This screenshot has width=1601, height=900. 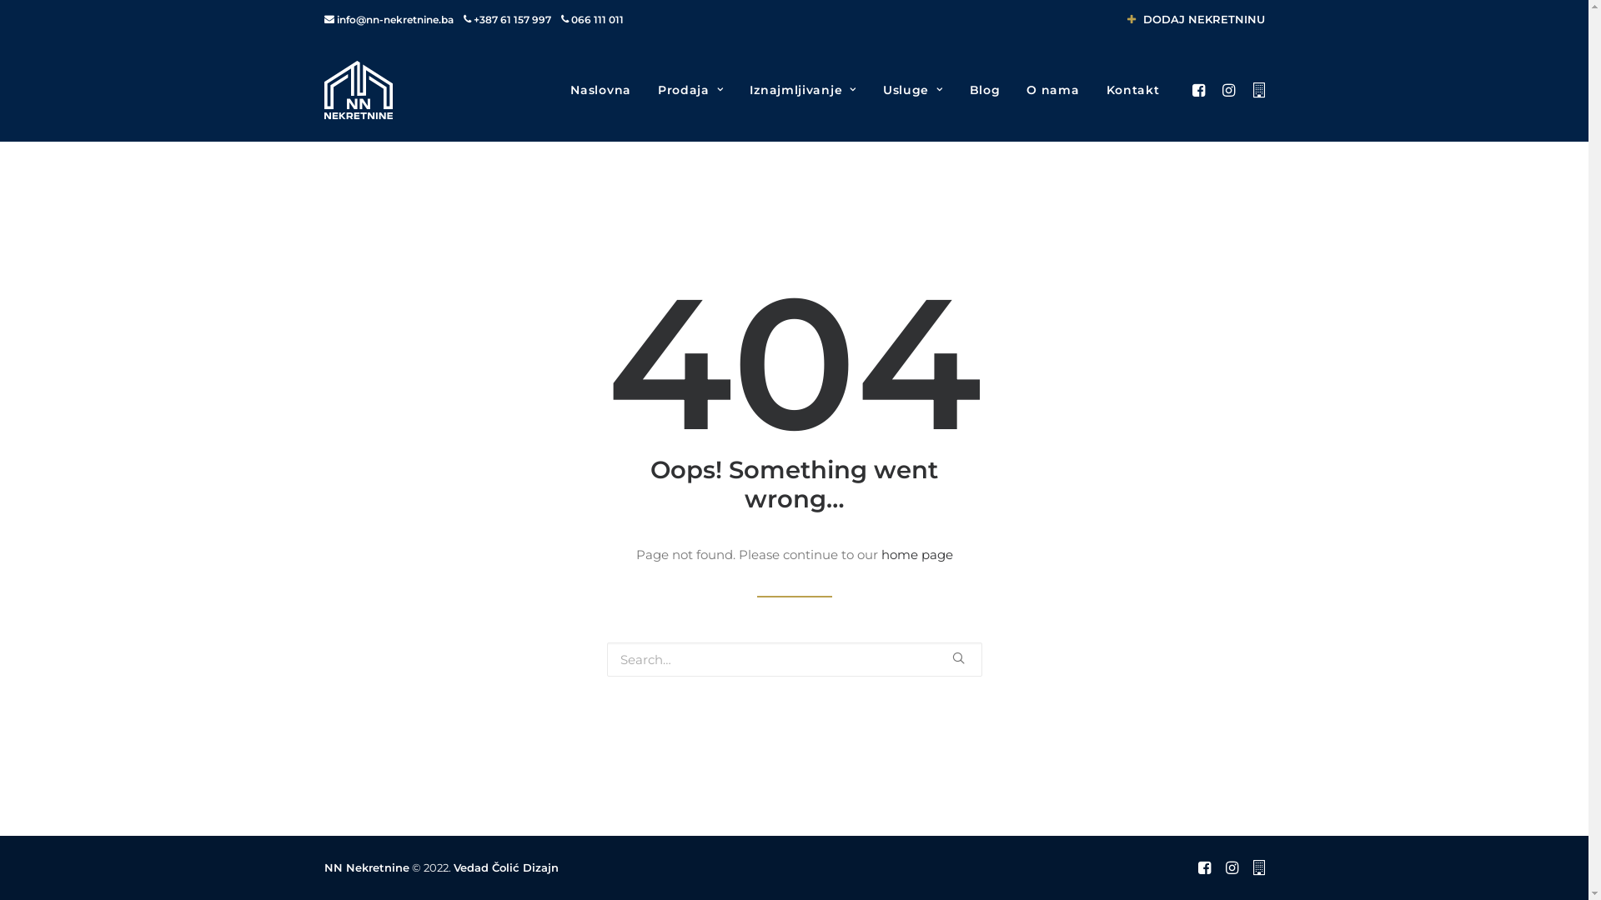 What do you see at coordinates (1195, 19) in the screenshot?
I see `'DODAJ NEKRETNINU'` at bounding box center [1195, 19].